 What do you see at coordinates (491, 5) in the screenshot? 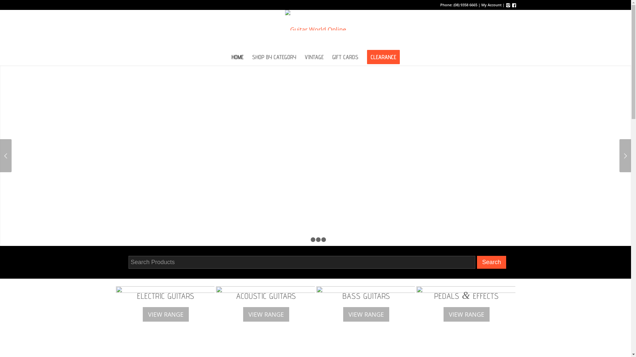
I see `'My Account'` at bounding box center [491, 5].